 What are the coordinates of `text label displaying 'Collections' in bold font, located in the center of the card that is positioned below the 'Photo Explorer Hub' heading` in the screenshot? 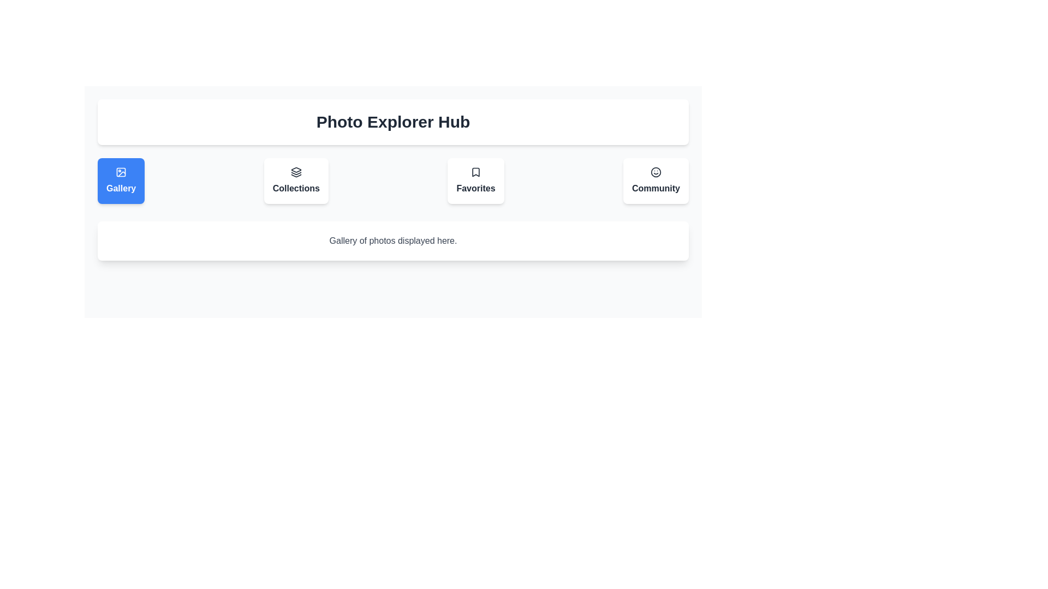 It's located at (296, 188).